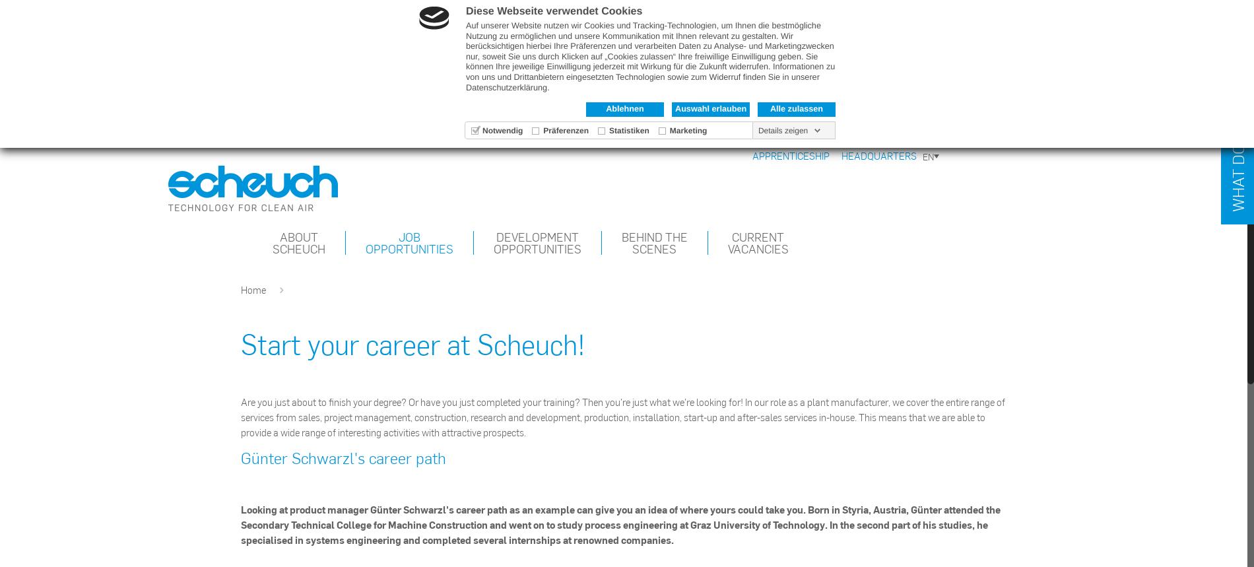 Image resolution: width=1254 pixels, height=567 pixels. I want to click on '.', so click(547, 87).